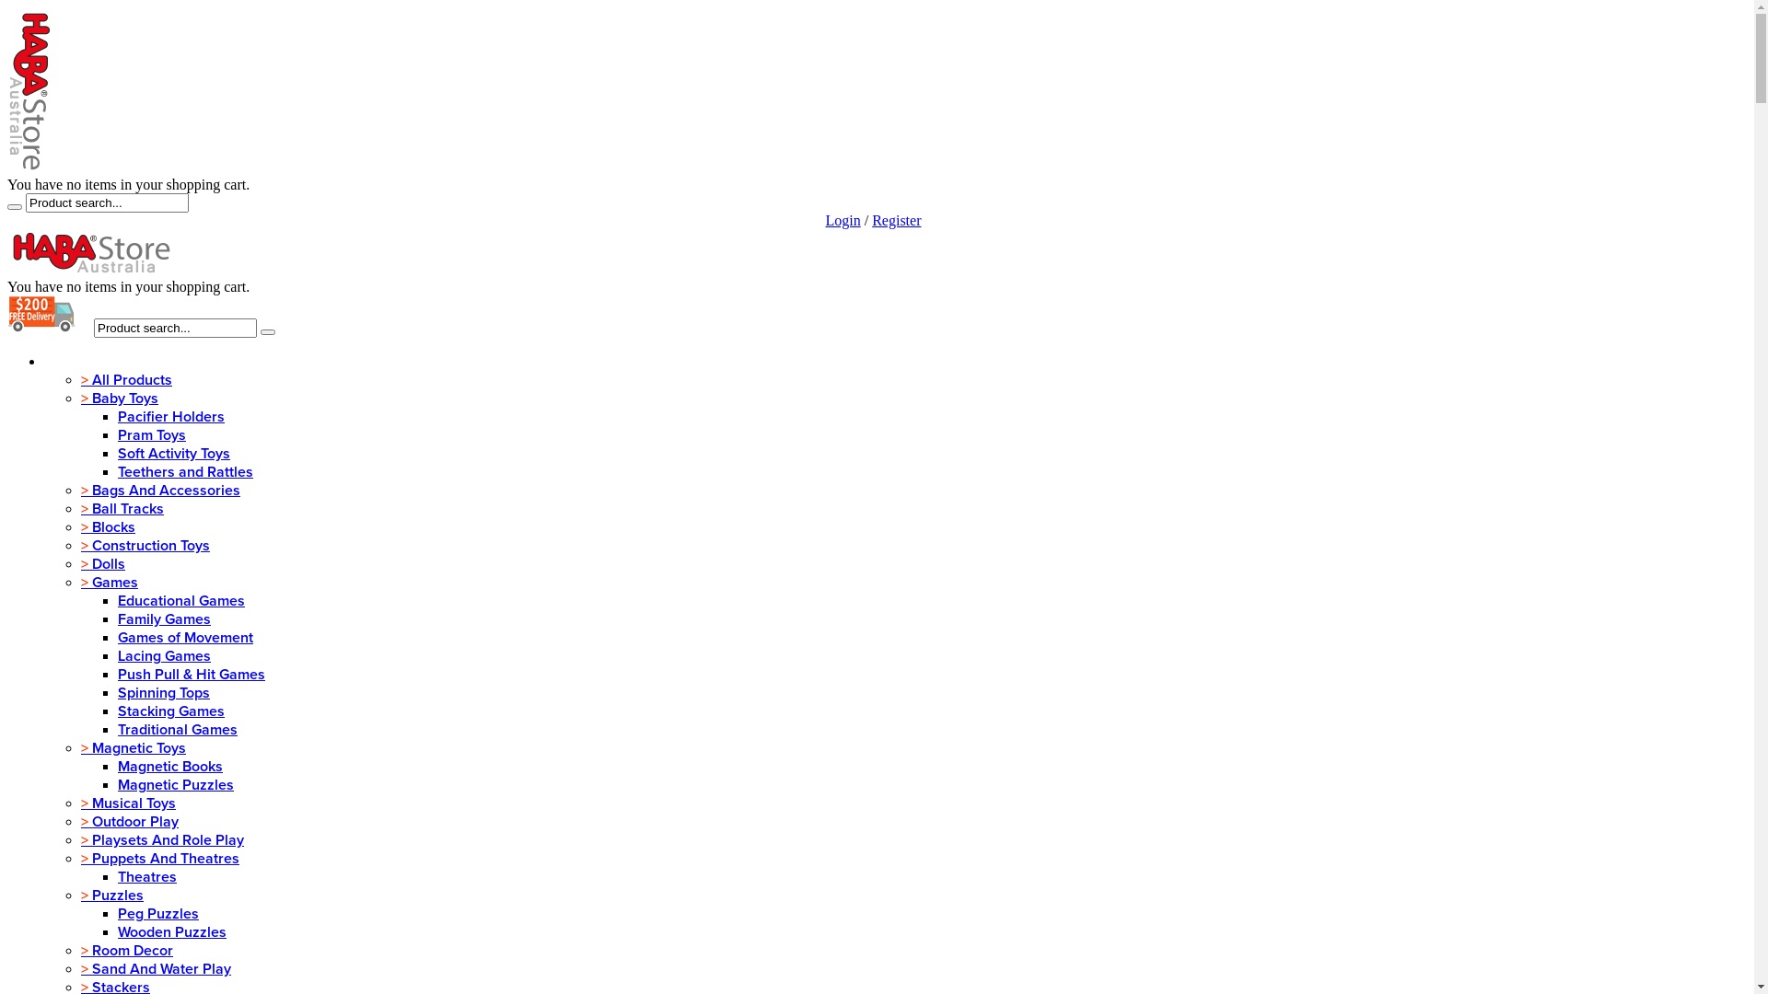  What do you see at coordinates (145, 545) in the screenshot?
I see `'> Construction Toys'` at bounding box center [145, 545].